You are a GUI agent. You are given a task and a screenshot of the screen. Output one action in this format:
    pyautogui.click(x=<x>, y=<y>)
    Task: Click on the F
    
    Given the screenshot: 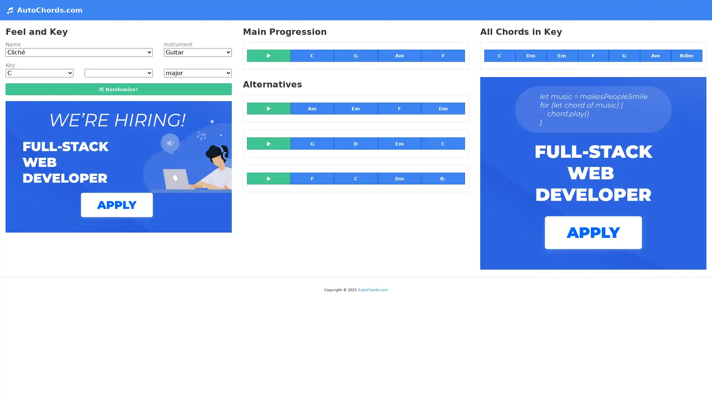 What is the action you would take?
    pyautogui.click(x=312, y=178)
    